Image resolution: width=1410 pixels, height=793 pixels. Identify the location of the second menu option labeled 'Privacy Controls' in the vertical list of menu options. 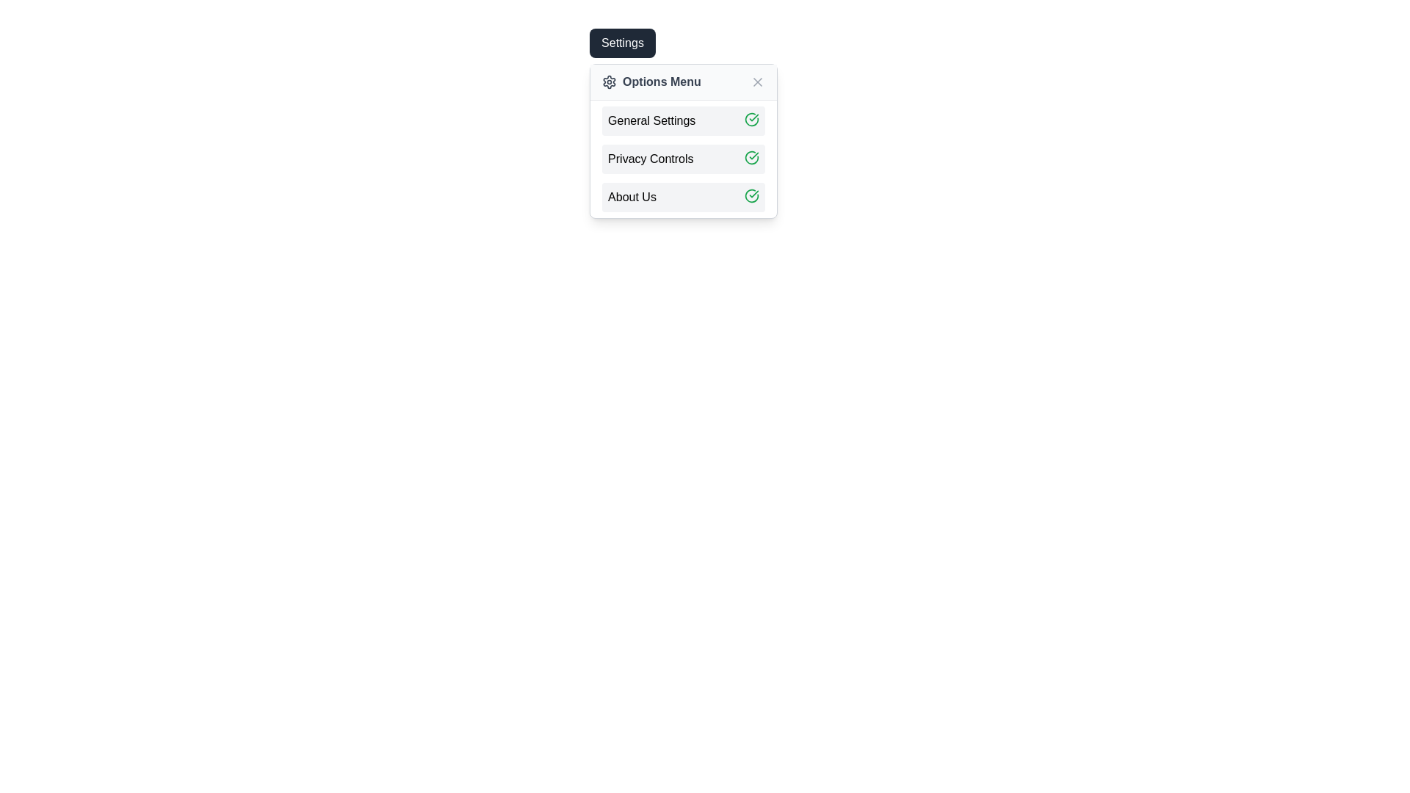
(683, 159).